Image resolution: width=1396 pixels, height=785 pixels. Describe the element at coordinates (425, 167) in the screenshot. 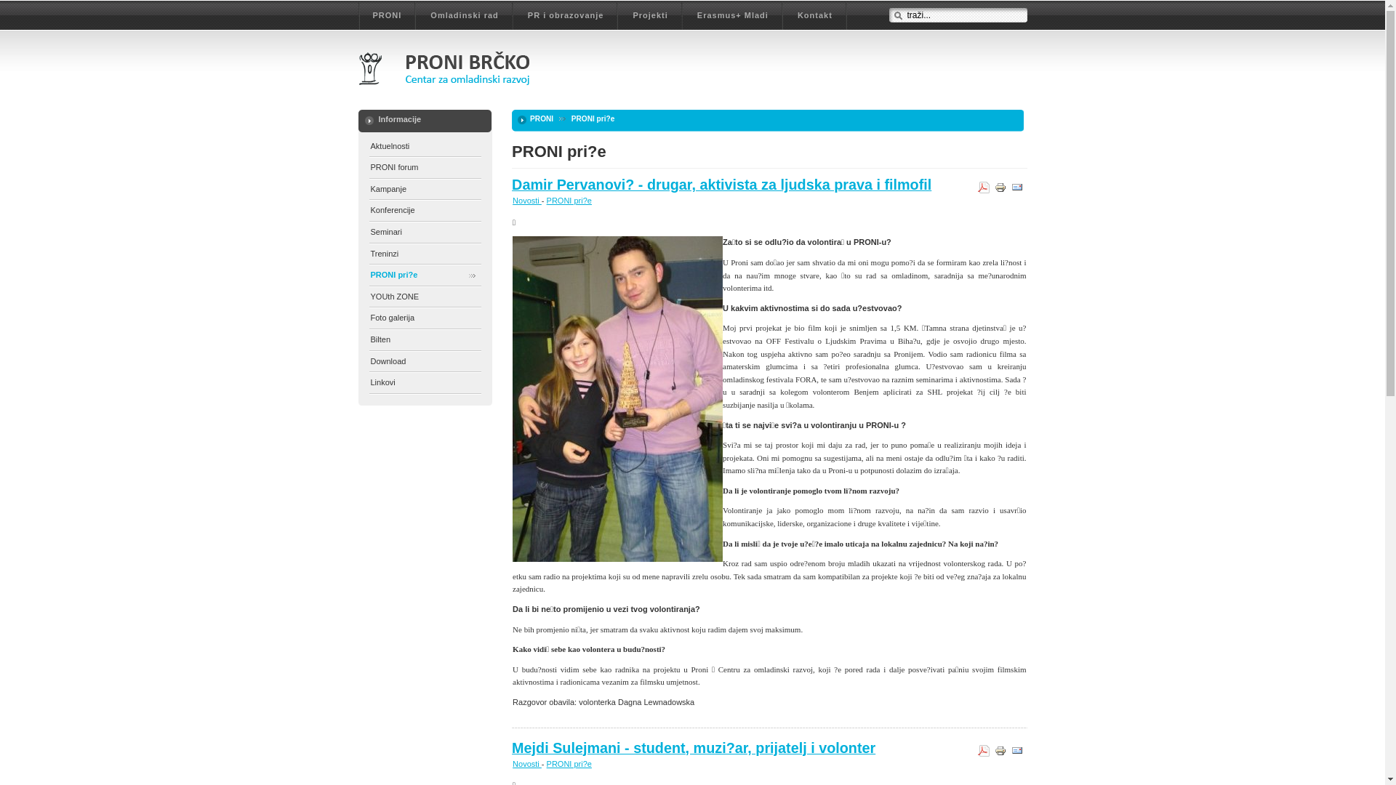

I see `'PRONI forum'` at that location.